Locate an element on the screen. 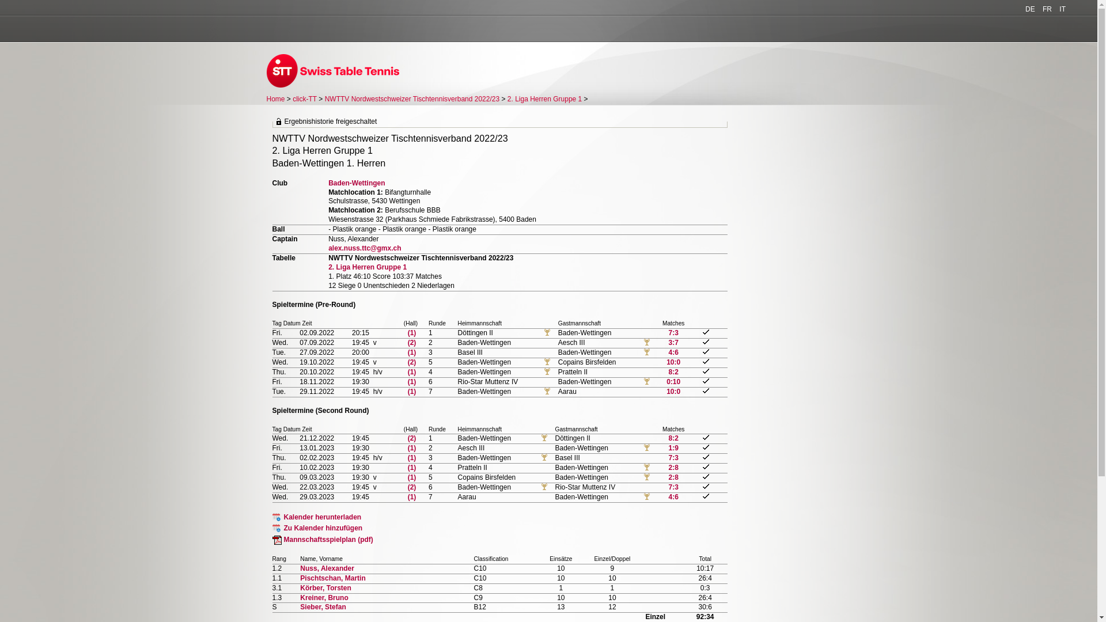 The width and height of the screenshot is (1106, 622). 'Sieber, Stefan' is located at coordinates (323, 606).